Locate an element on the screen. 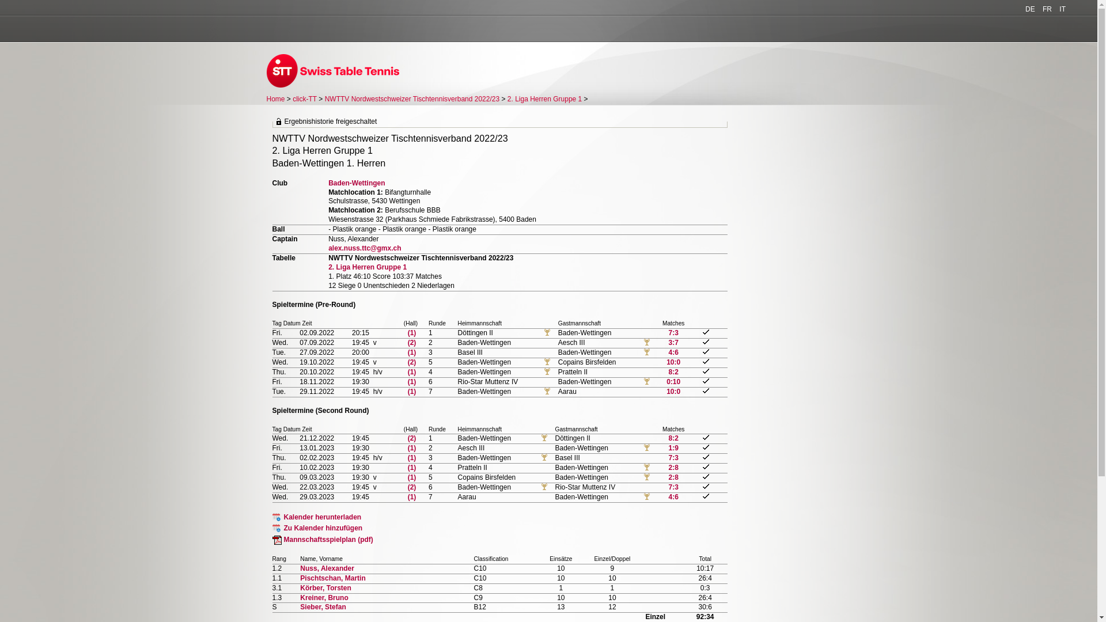 The width and height of the screenshot is (1106, 622). 'Sieber, Stefan' is located at coordinates (323, 606).